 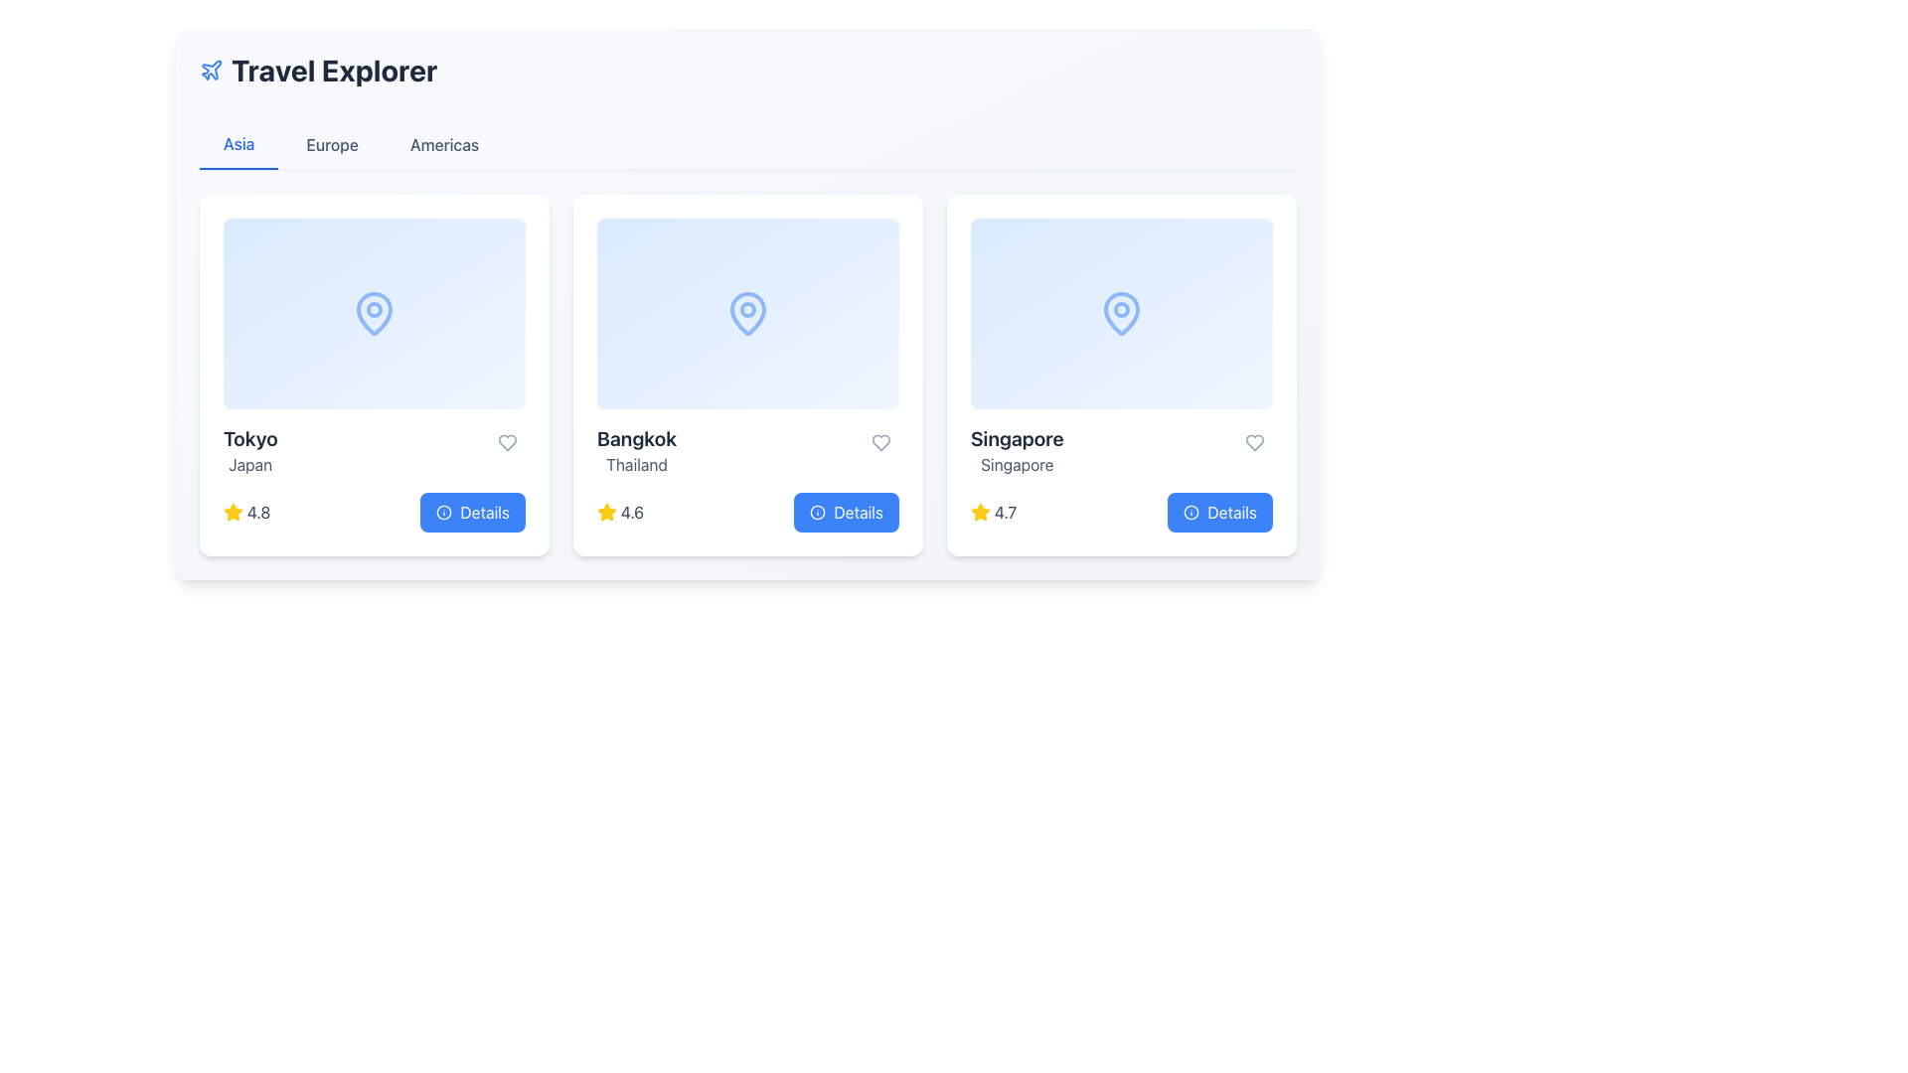 I want to click on the text element displaying '4.8' in a dark slate-colored font, located inside a card layout under the heading 'Tokyo Japan', adjacent to a yellow star icon, so click(x=257, y=512).